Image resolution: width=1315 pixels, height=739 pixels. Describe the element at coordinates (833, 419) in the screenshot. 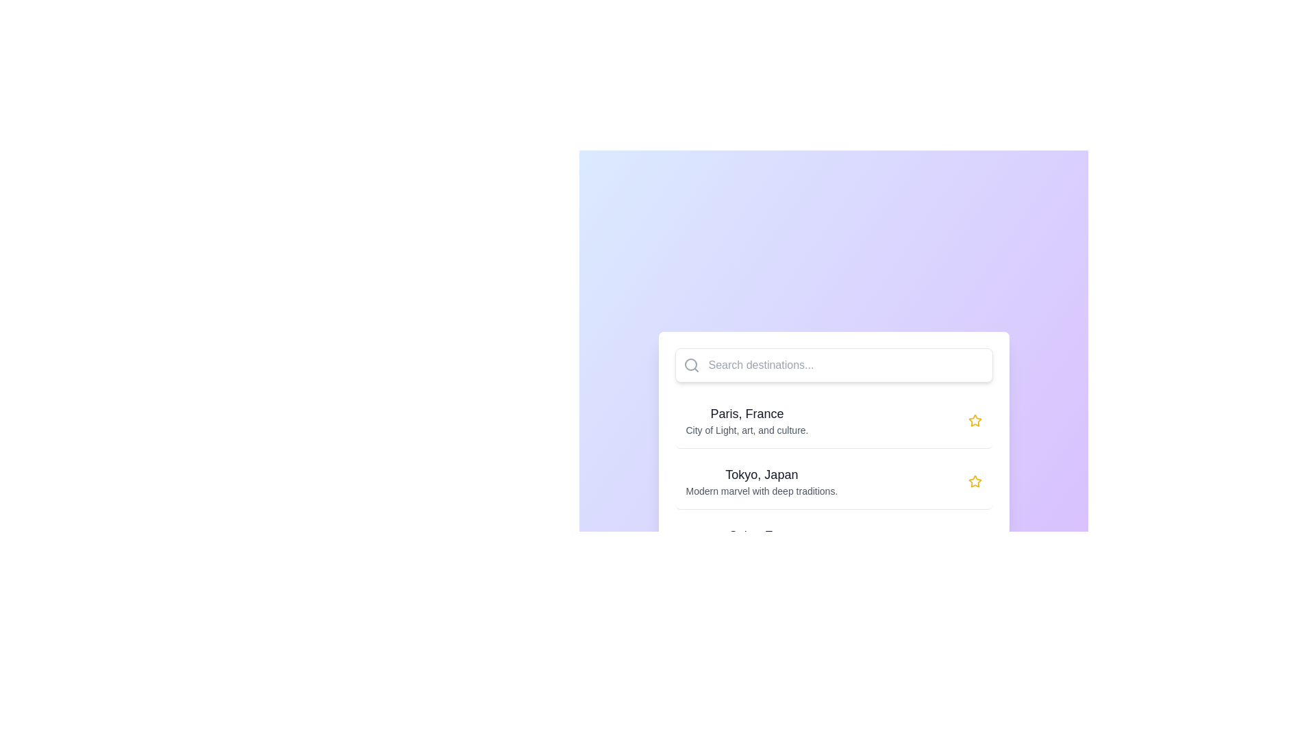

I see `the first list item displaying 'Paris, France'` at that location.